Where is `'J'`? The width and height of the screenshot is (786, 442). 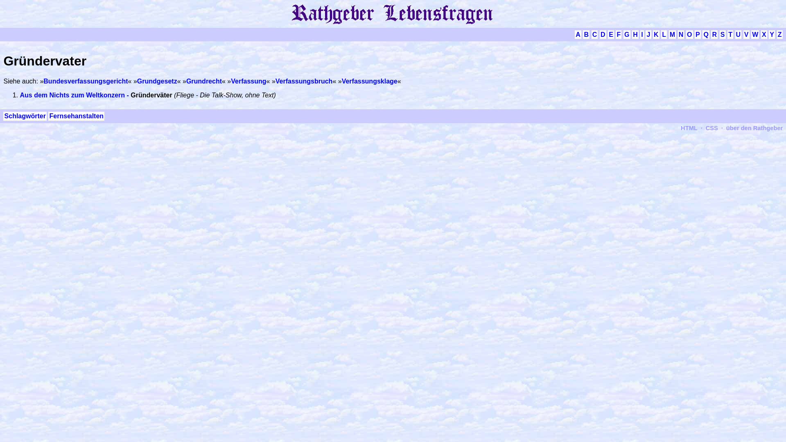
'J' is located at coordinates (648, 34).